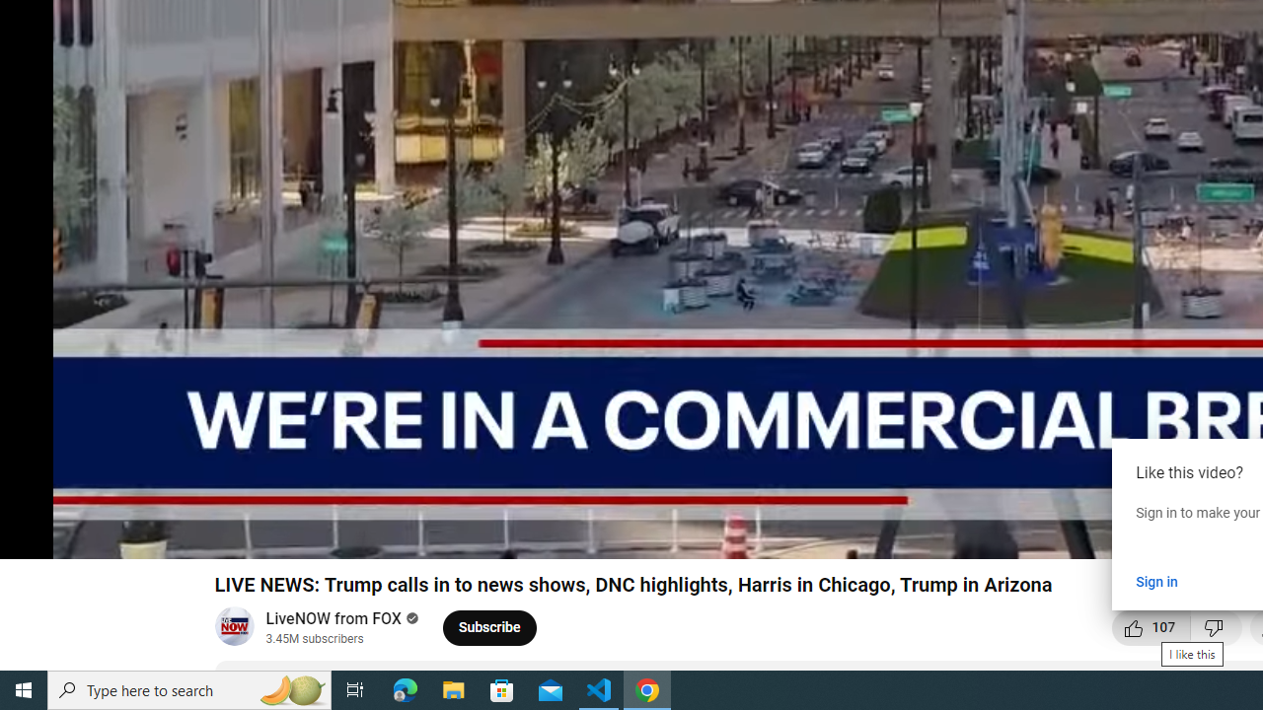  Describe the element at coordinates (489, 627) in the screenshot. I see `'Subscribe to LiveNOW from FOX.'` at that location.